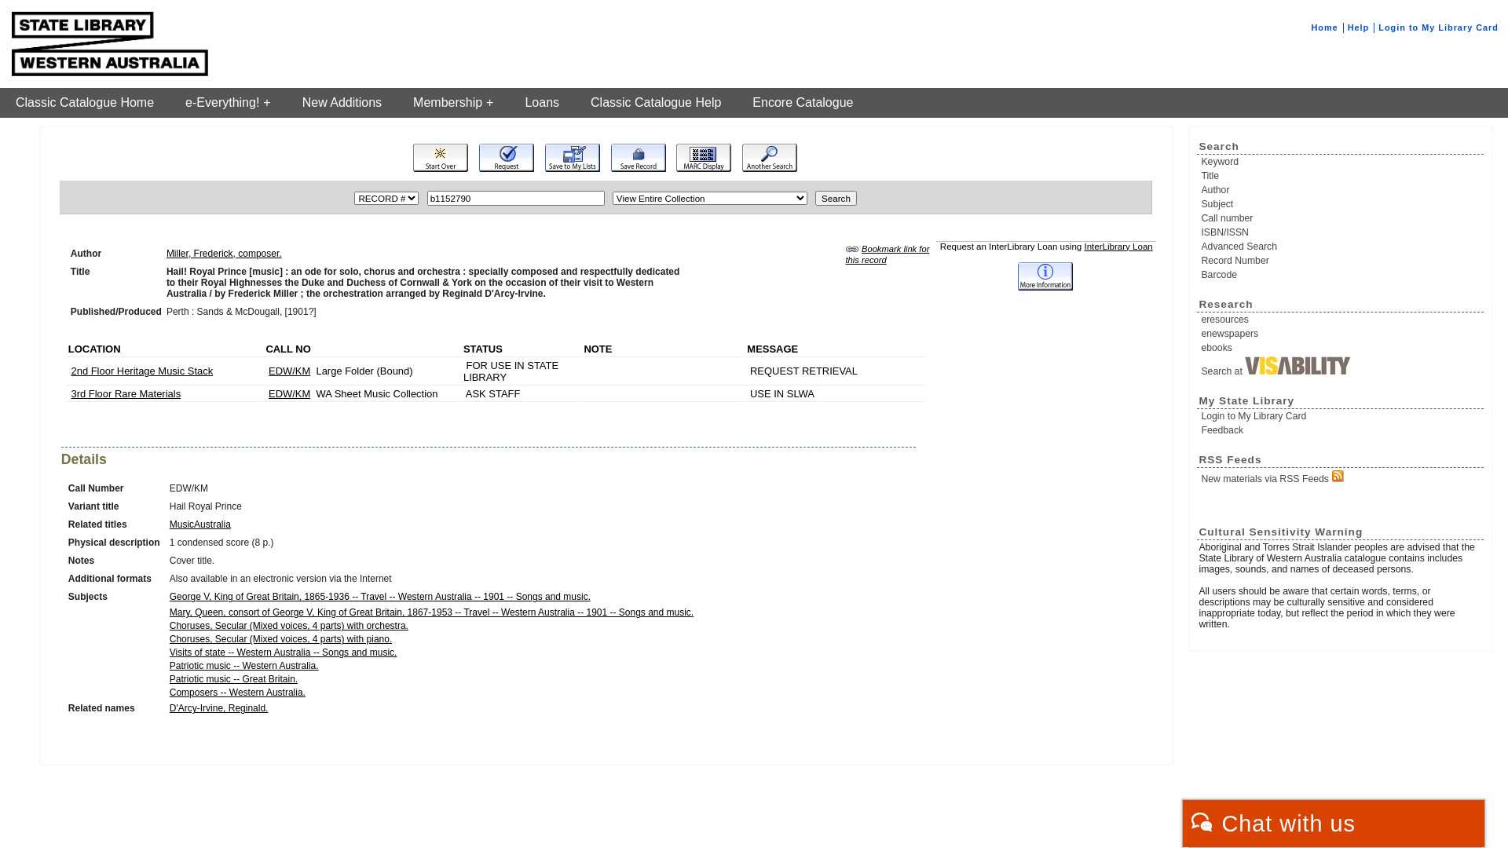 This screenshot has width=1508, height=848. What do you see at coordinates (227, 103) in the screenshot?
I see `'e-Everything!'` at bounding box center [227, 103].